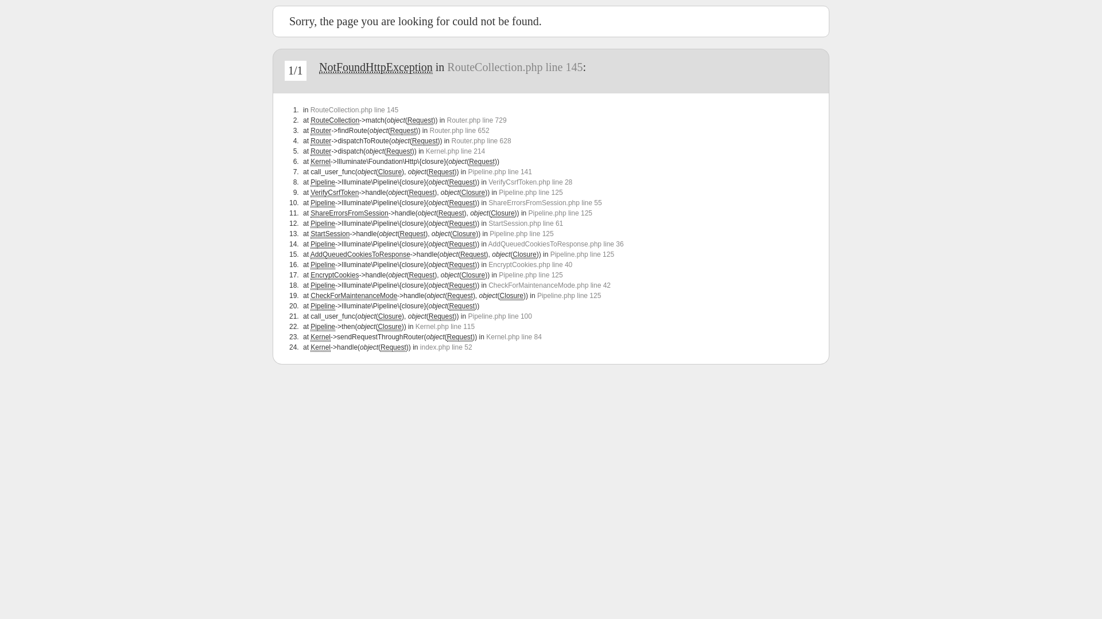  What do you see at coordinates (500, 172) in the screenshot?
I see `'Pipeline.php line 141'` at bounding box center [500, 172].